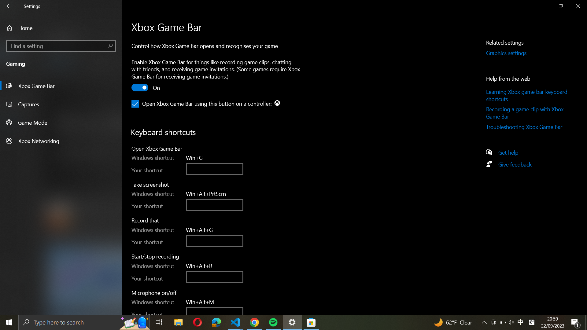 The height and width of the screenshot is (330, 587). What do you see at coordinates (513, 53) in the screenshot?
I see `the "Graphics settings" button to open "Related Settings"` at bounding box center [513, 53].